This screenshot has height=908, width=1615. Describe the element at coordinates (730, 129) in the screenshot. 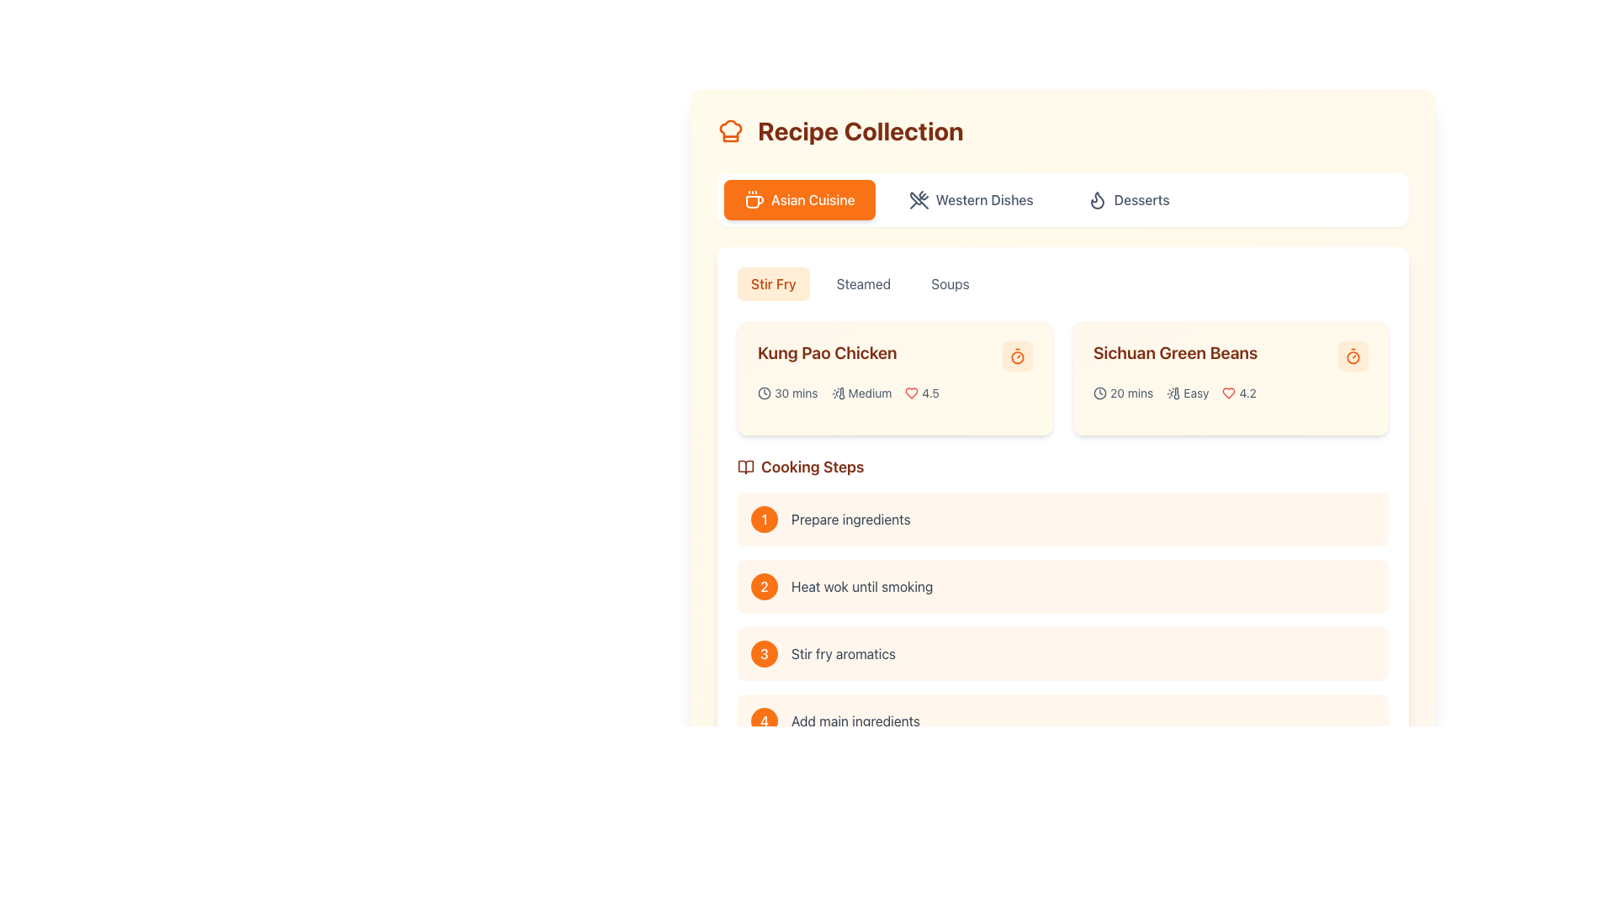

I see `SVG structure of the orange chef's hat icon located near the 'Recipe Collection' title at the top left of the interface` at that location.